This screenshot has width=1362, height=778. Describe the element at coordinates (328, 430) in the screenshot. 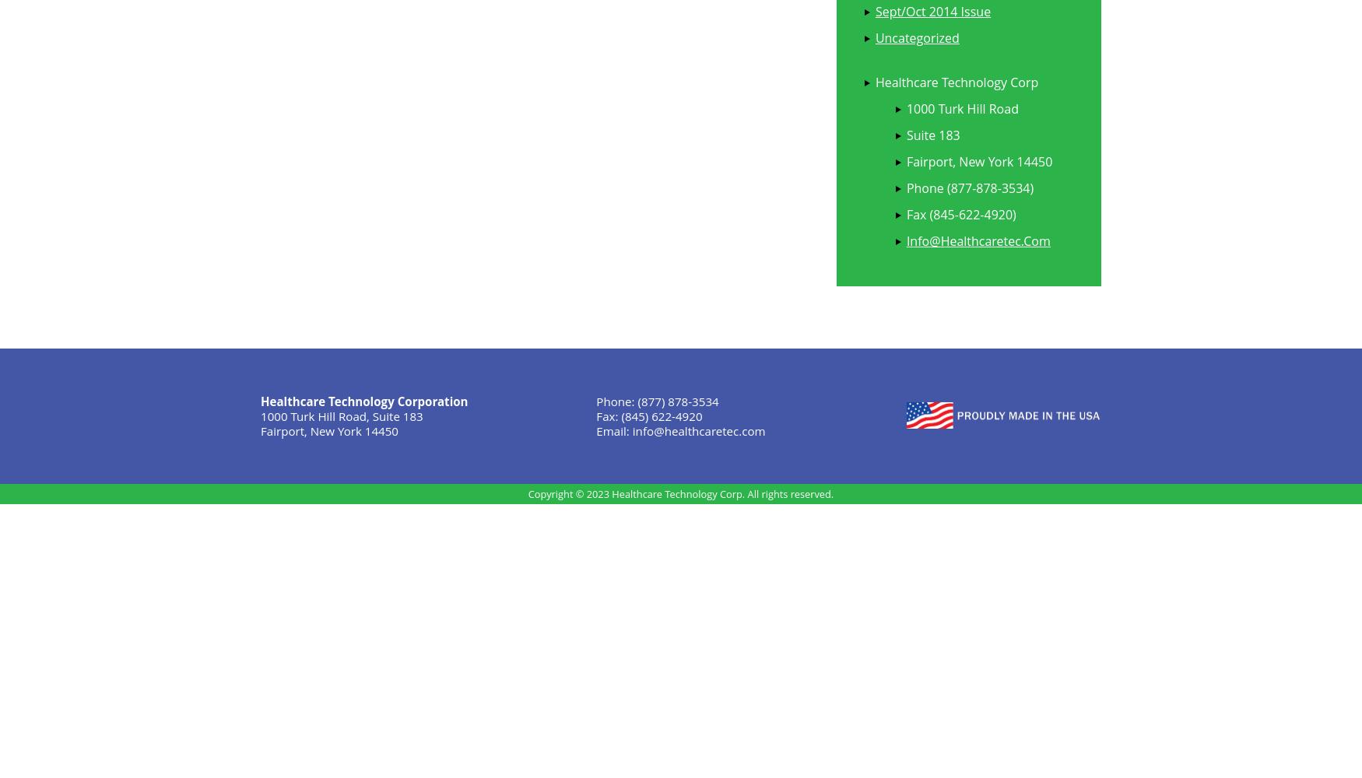

I see `'Fairport, New York 14450'` at that location.